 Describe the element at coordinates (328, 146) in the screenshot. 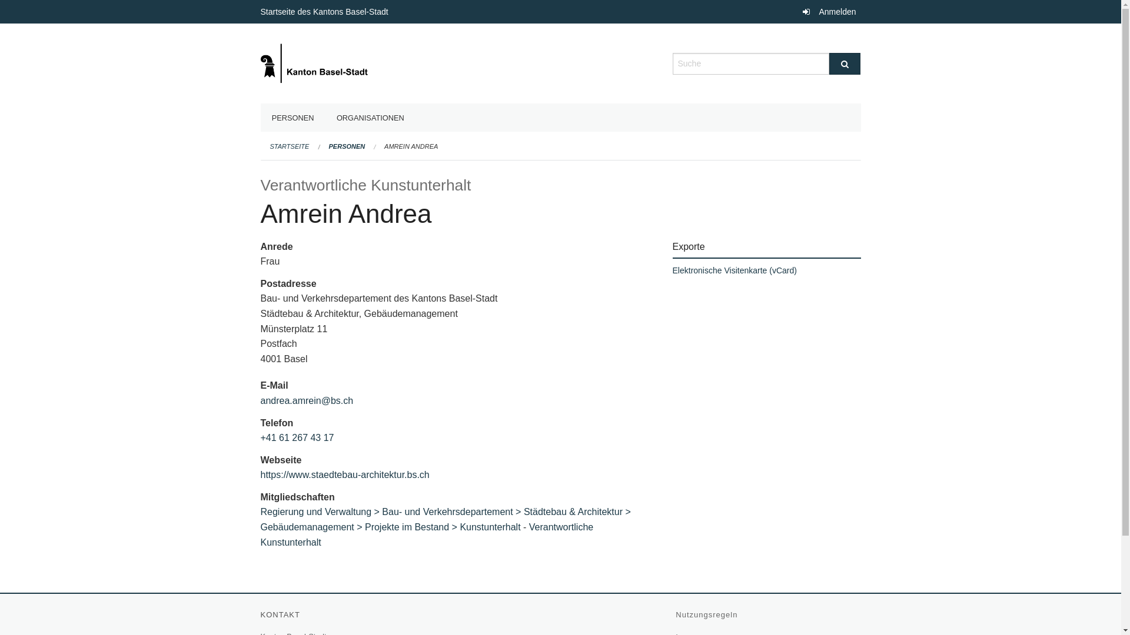

I see `'PERSONEN'` at that location.